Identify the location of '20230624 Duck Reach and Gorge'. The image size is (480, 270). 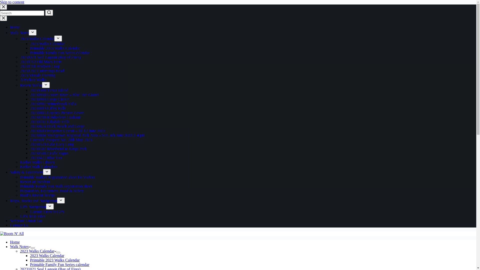
(57, 126).